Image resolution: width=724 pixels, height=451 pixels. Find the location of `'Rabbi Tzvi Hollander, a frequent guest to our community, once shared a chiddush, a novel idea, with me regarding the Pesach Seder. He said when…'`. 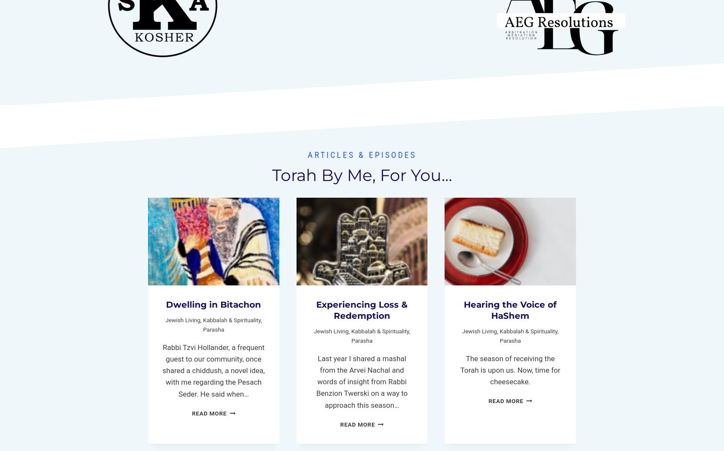

'Rabbi Tzvi Hollander, a frequent guest to our community, once shared a chiddush, a novel idea, with me regarding the Pesach Seder. He said when…' is located at coordinates (213, 370).